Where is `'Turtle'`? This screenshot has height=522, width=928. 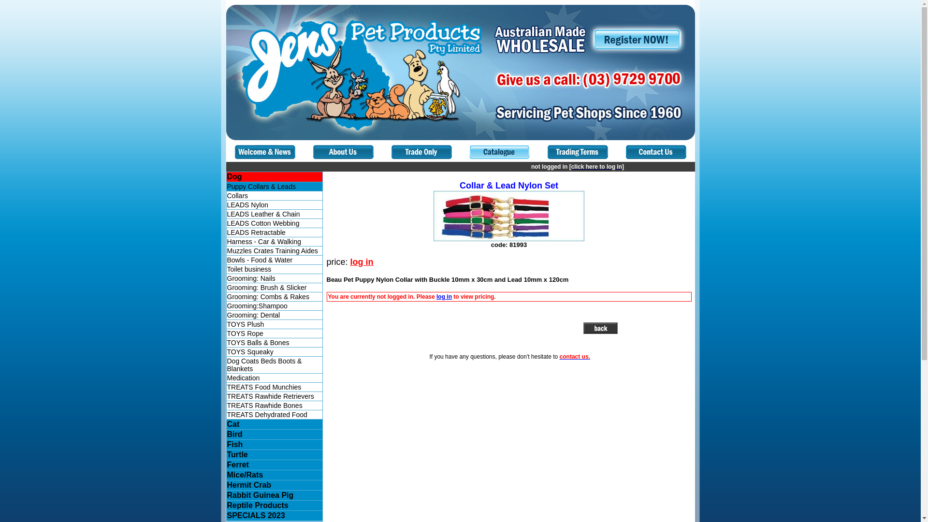
'Turtle' is located at coordinates (237, 454).